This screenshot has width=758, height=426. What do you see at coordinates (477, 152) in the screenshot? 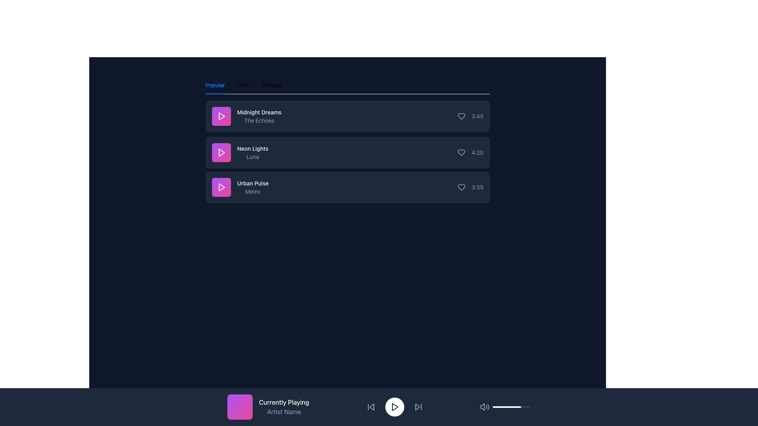
I see `the static text display that shows the duration of the song 'Neon Lights', located on the right edge inside the second row of the list labeled 'Neon Lights - Luna'` at bounding box center [477, 152].